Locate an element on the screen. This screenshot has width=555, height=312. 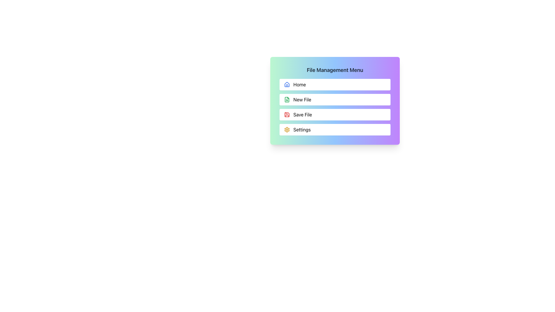
the gear-shaped icon in yellow, which signifies the settings function and is located at the bottom of the list of icons is located at coordinates (287, 129).